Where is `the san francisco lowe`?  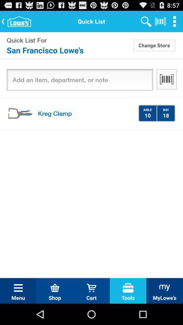 the san francisco lowe is located at coordinates (69, 49).